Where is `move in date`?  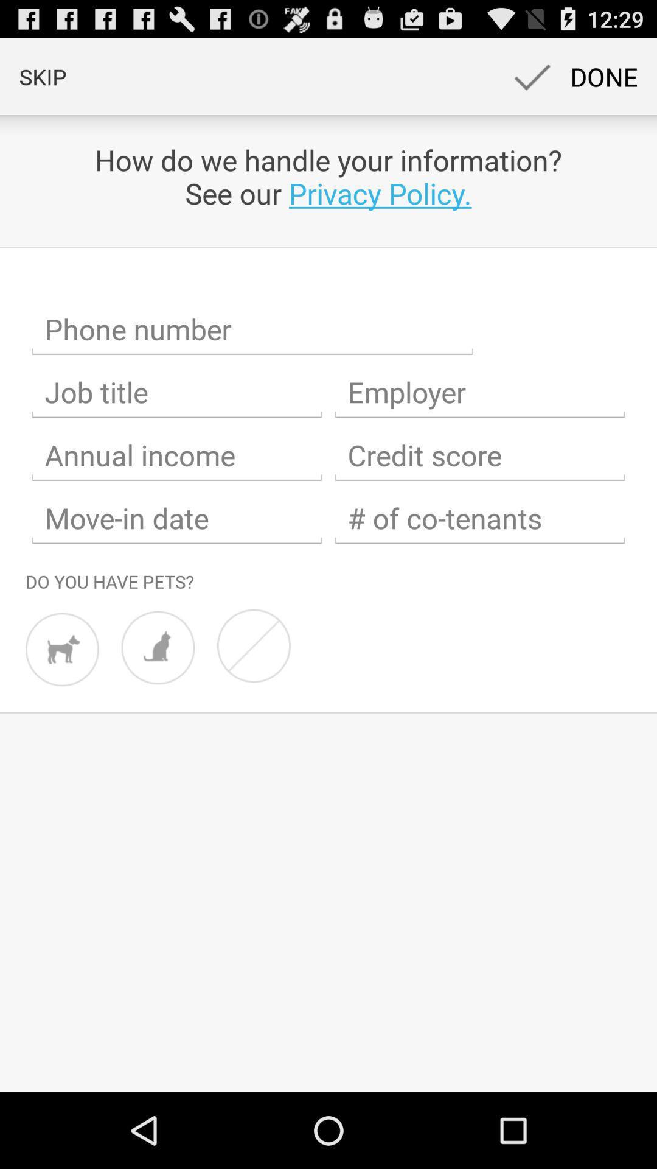
move in date is located at coordinates (176, 518).